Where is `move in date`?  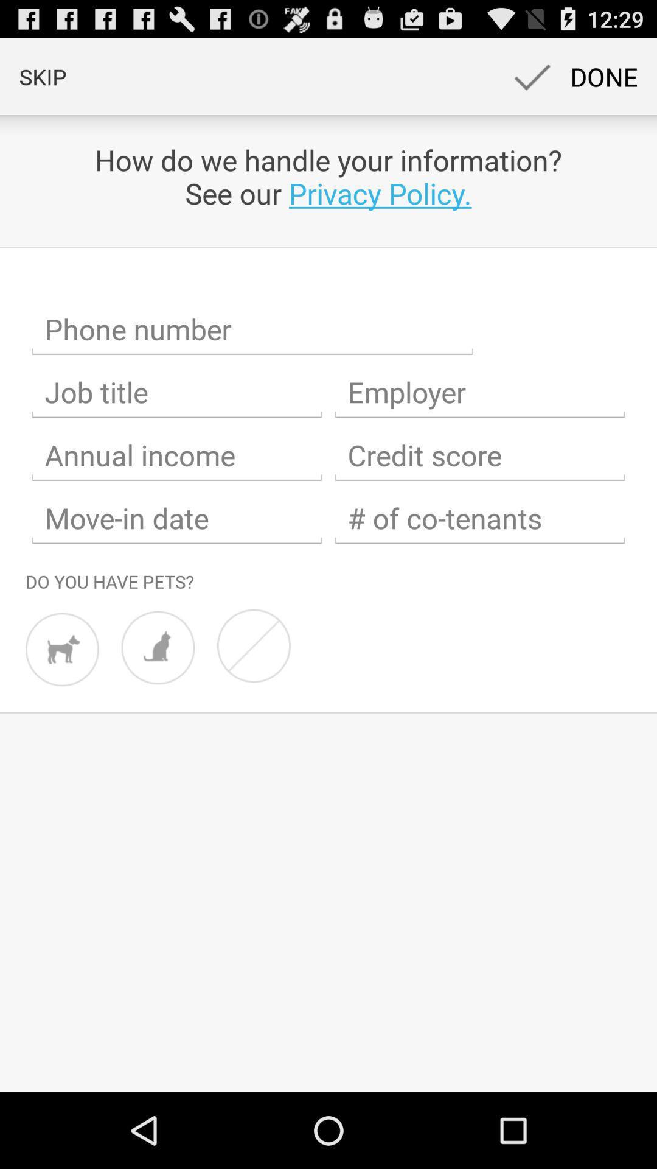
move in date is located at coordinates (176, 518).